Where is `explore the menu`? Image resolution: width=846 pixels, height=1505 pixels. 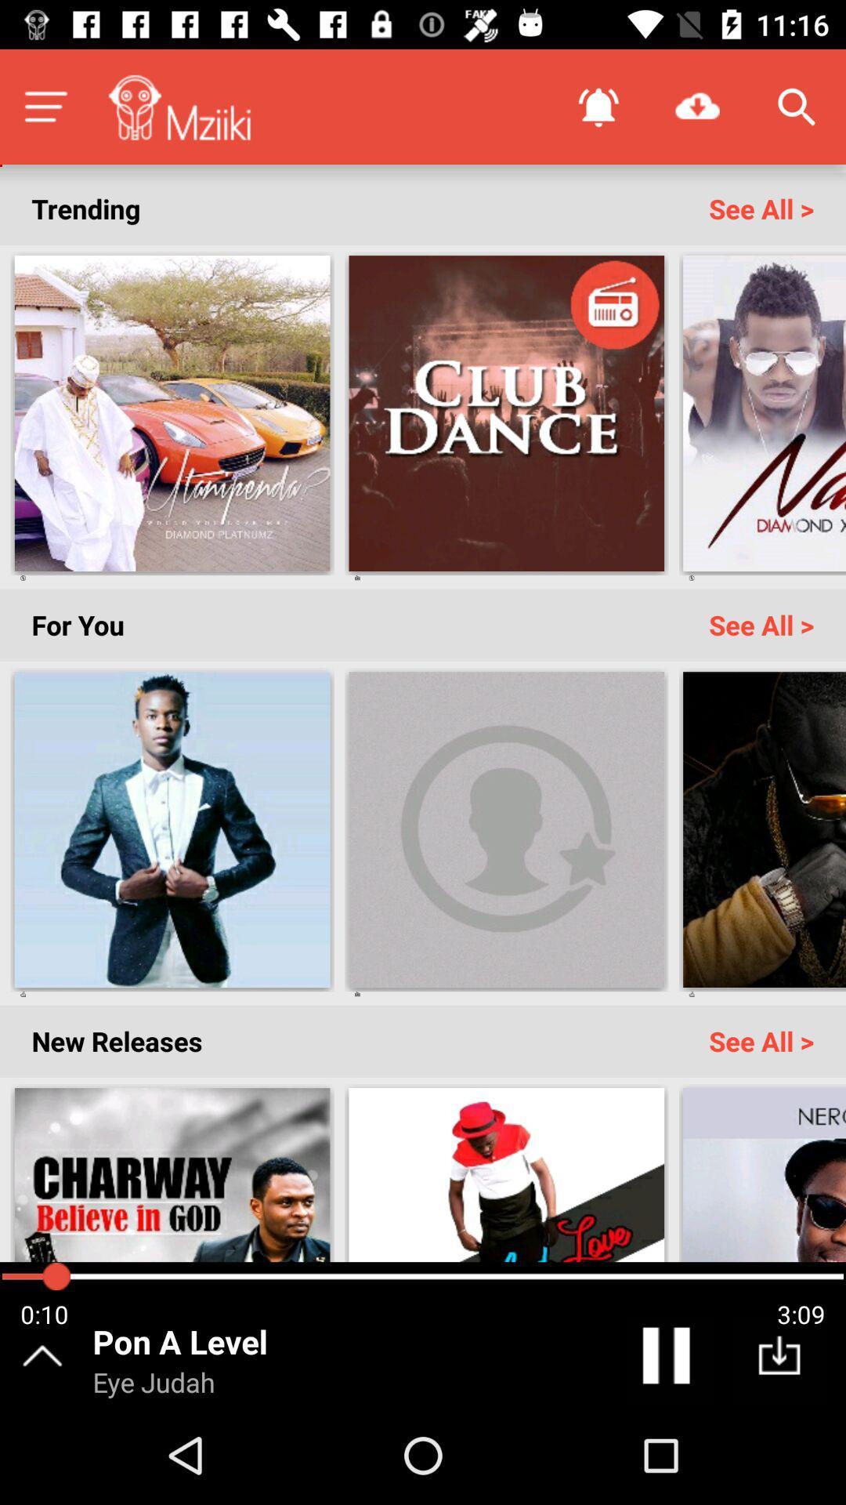
explore the menu is located at coordinates (45, 106).